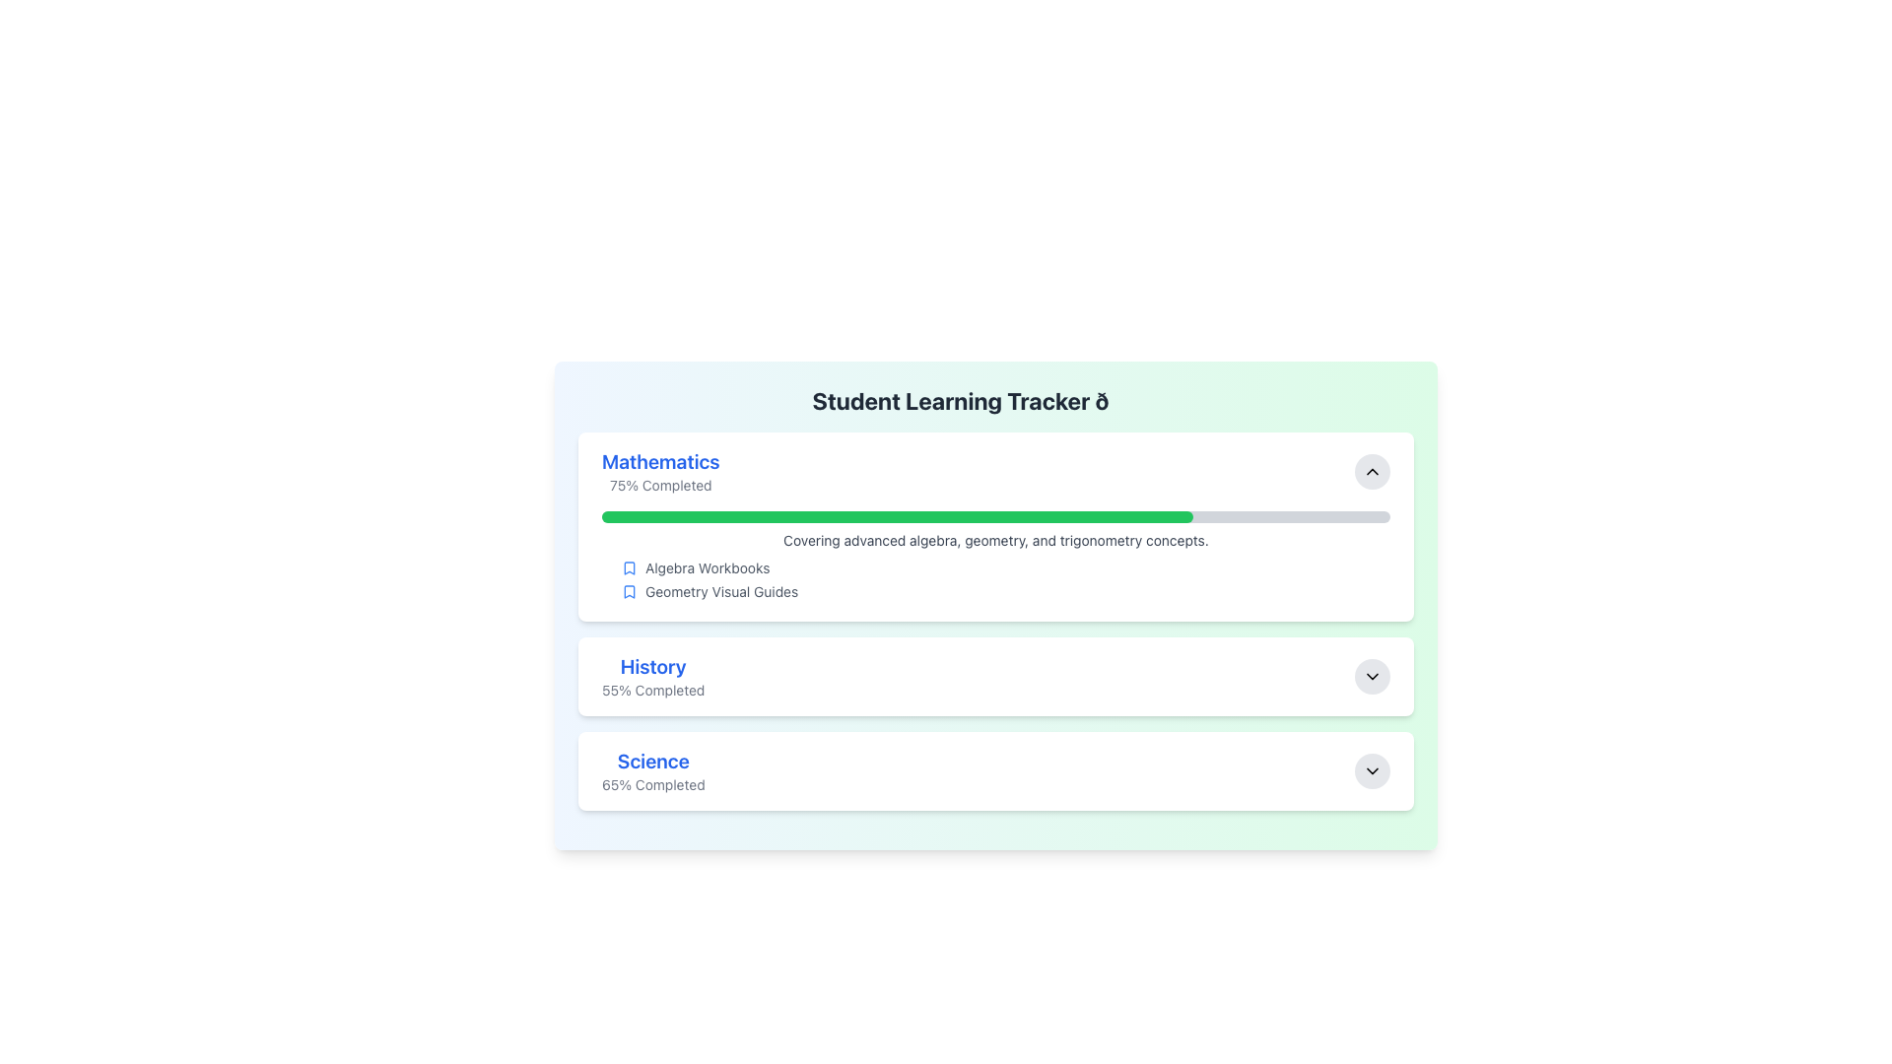 Image resolution: width=1892 pixels, height=1064 pixels. What do you see at coordinates (1371, 675) in the screenshot?
I see `the circular button with a black downward-facing chevron icon located at the far right of the 'History 55% Completed' card` at bounding box center [1371, 675].